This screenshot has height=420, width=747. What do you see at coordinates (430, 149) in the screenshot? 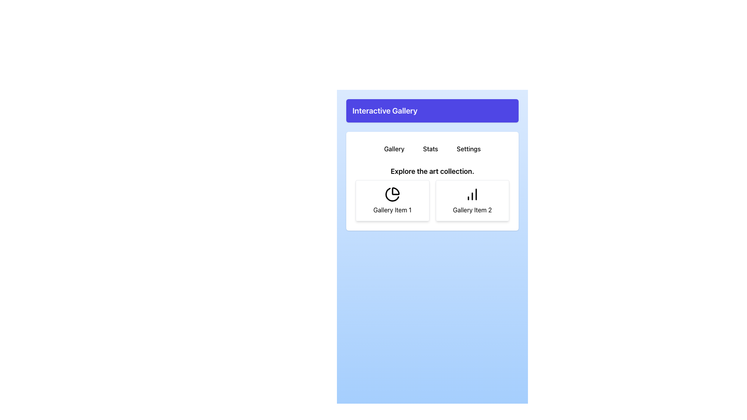
I see `the 'Stats' button which is the second button in a horizontal set of three, located between the 'Gallery' and 'Settings' buttons, to observe its interaction effect` at bounding box center [430, 149].